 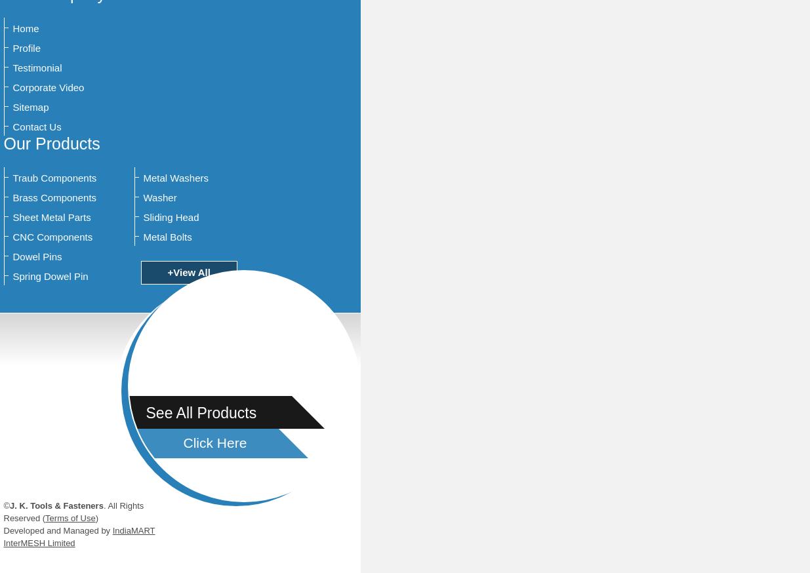 What do you see at coordinates (2, 511) in the screenshot?
I see `'.  All Rights Reserved ('` at bounding box center [2, 511].